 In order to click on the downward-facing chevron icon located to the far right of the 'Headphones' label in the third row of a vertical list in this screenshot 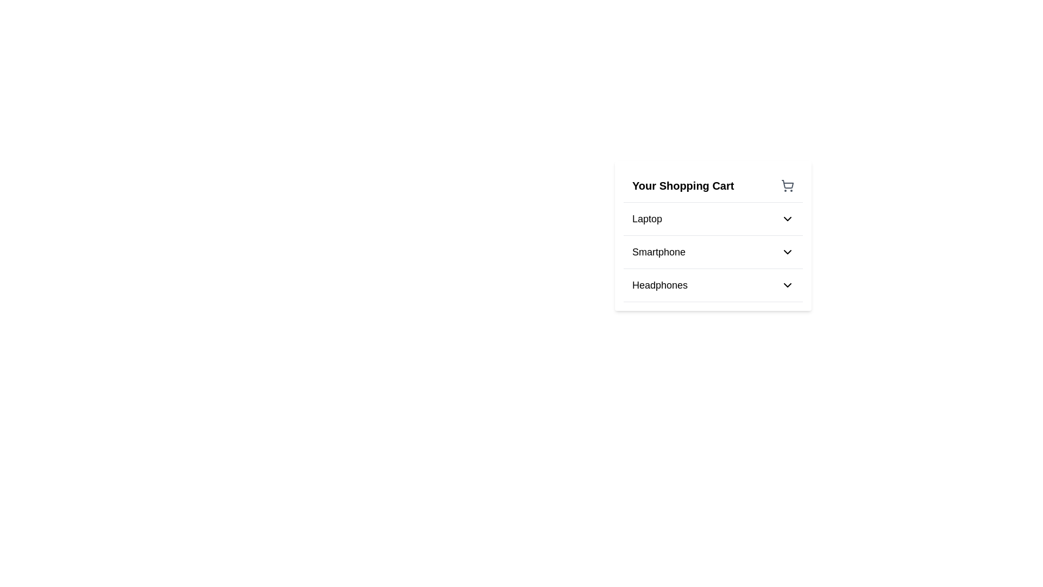, I will do `click(787, 284)`.